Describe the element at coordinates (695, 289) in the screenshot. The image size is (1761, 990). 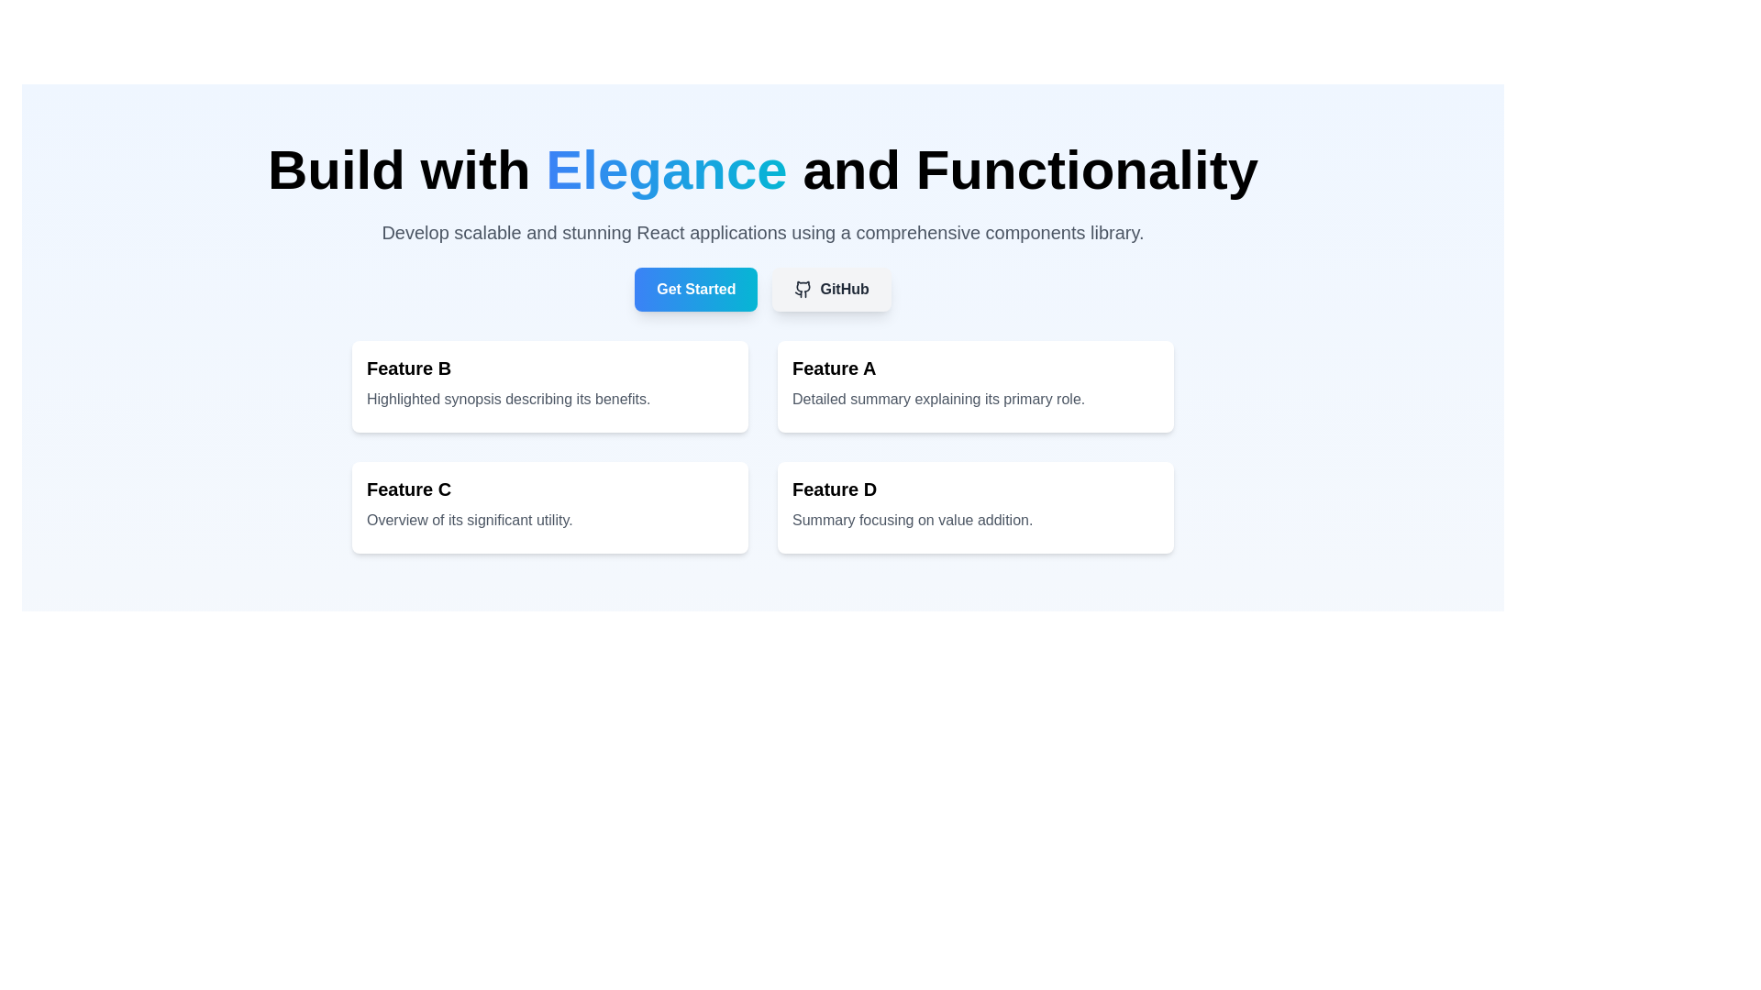
I see `the 'Get Started' button, which is a rectangular button with a gradient background from blue to cyan and bold white text, to visually highlight it` at that location.